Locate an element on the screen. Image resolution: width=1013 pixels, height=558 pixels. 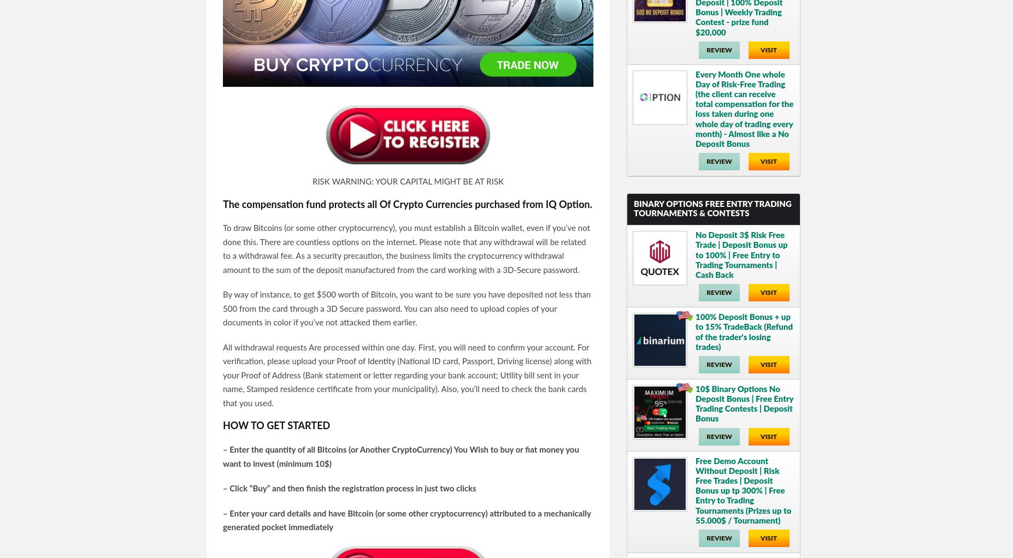
'HOW TO GET STARTED' is located at coordinates (276, 426).